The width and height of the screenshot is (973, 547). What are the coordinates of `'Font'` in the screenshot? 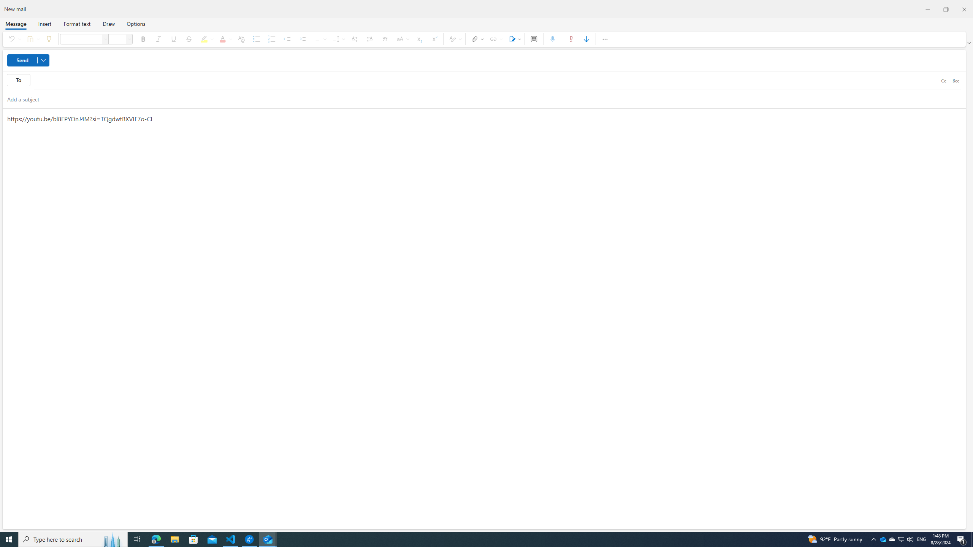 It's located at (105, 39).